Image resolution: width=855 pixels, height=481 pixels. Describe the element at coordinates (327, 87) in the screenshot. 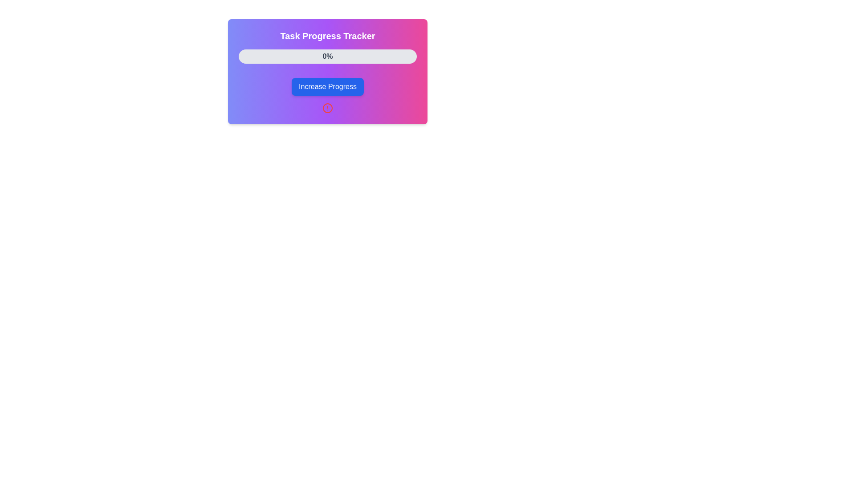

I see `the centrally located button below the progress bar and above the circular icon` at that location.